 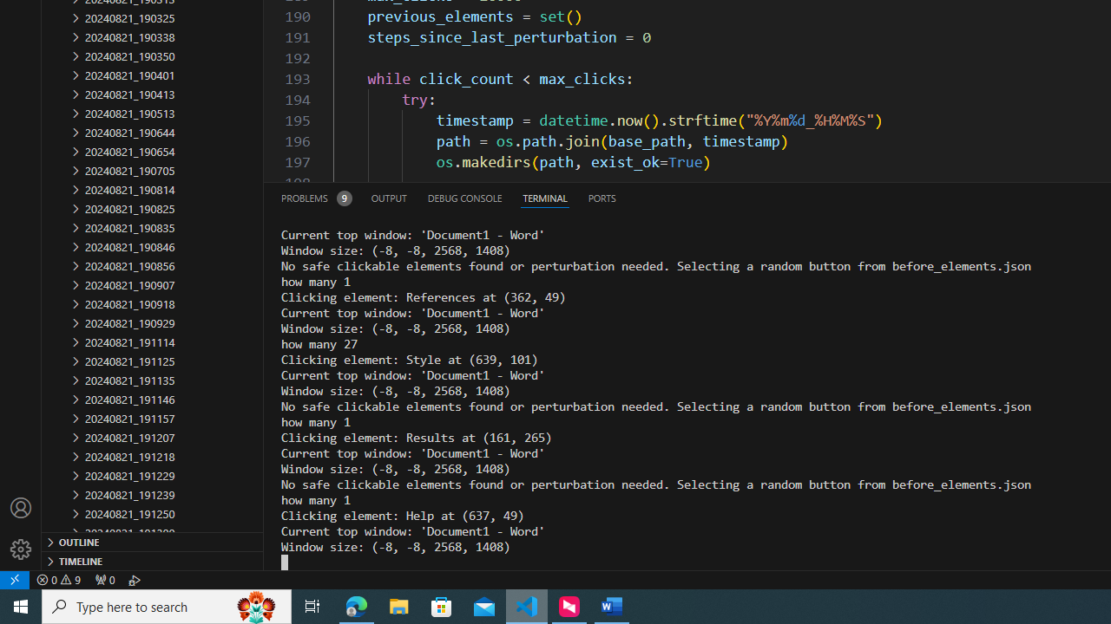 I want to click on 'Outline Section', so click(x=153, y=540).